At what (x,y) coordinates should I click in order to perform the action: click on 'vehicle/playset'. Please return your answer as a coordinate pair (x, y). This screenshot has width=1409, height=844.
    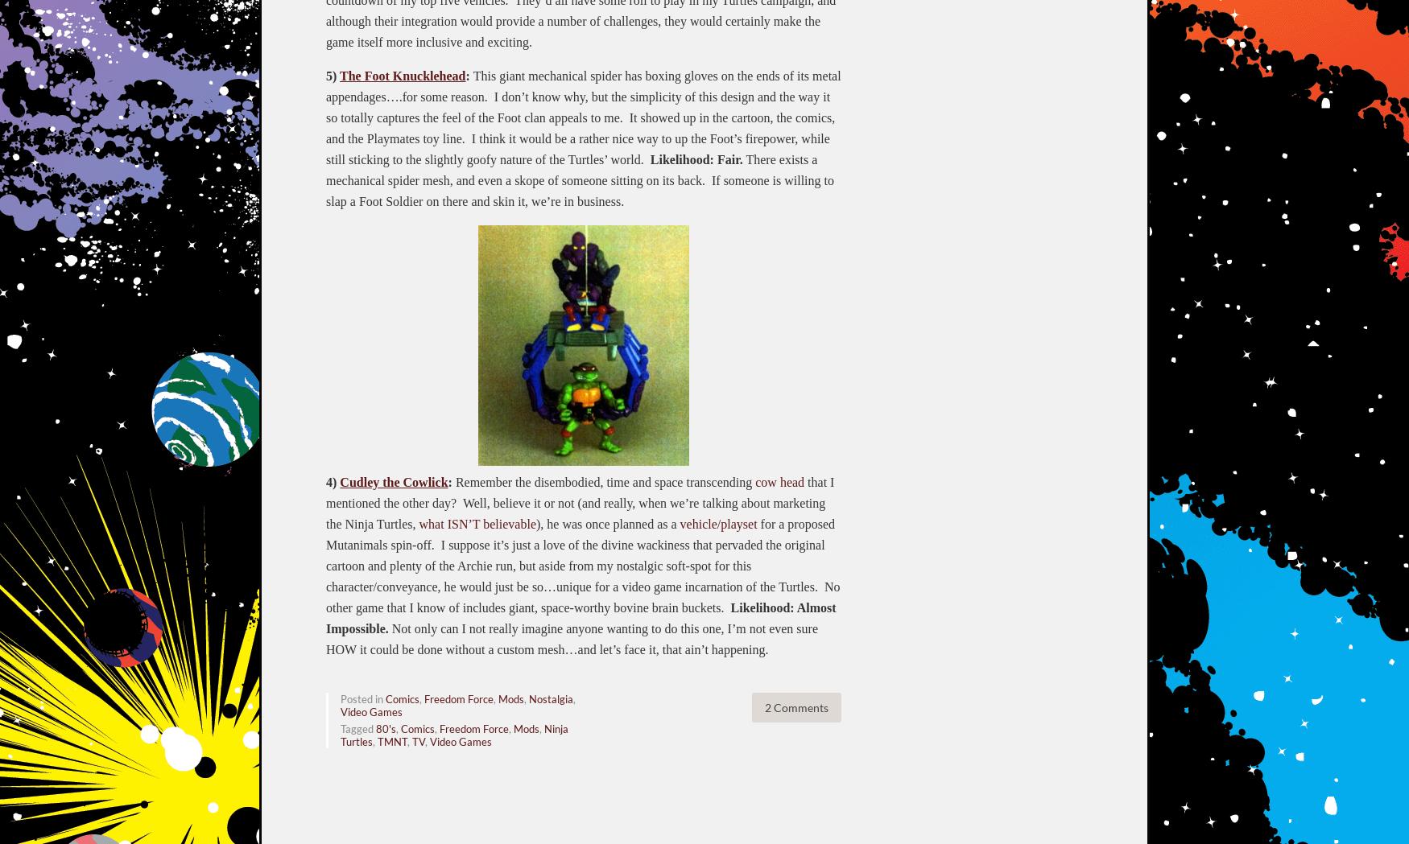
    Looking at the image, I should click on (717, 522).